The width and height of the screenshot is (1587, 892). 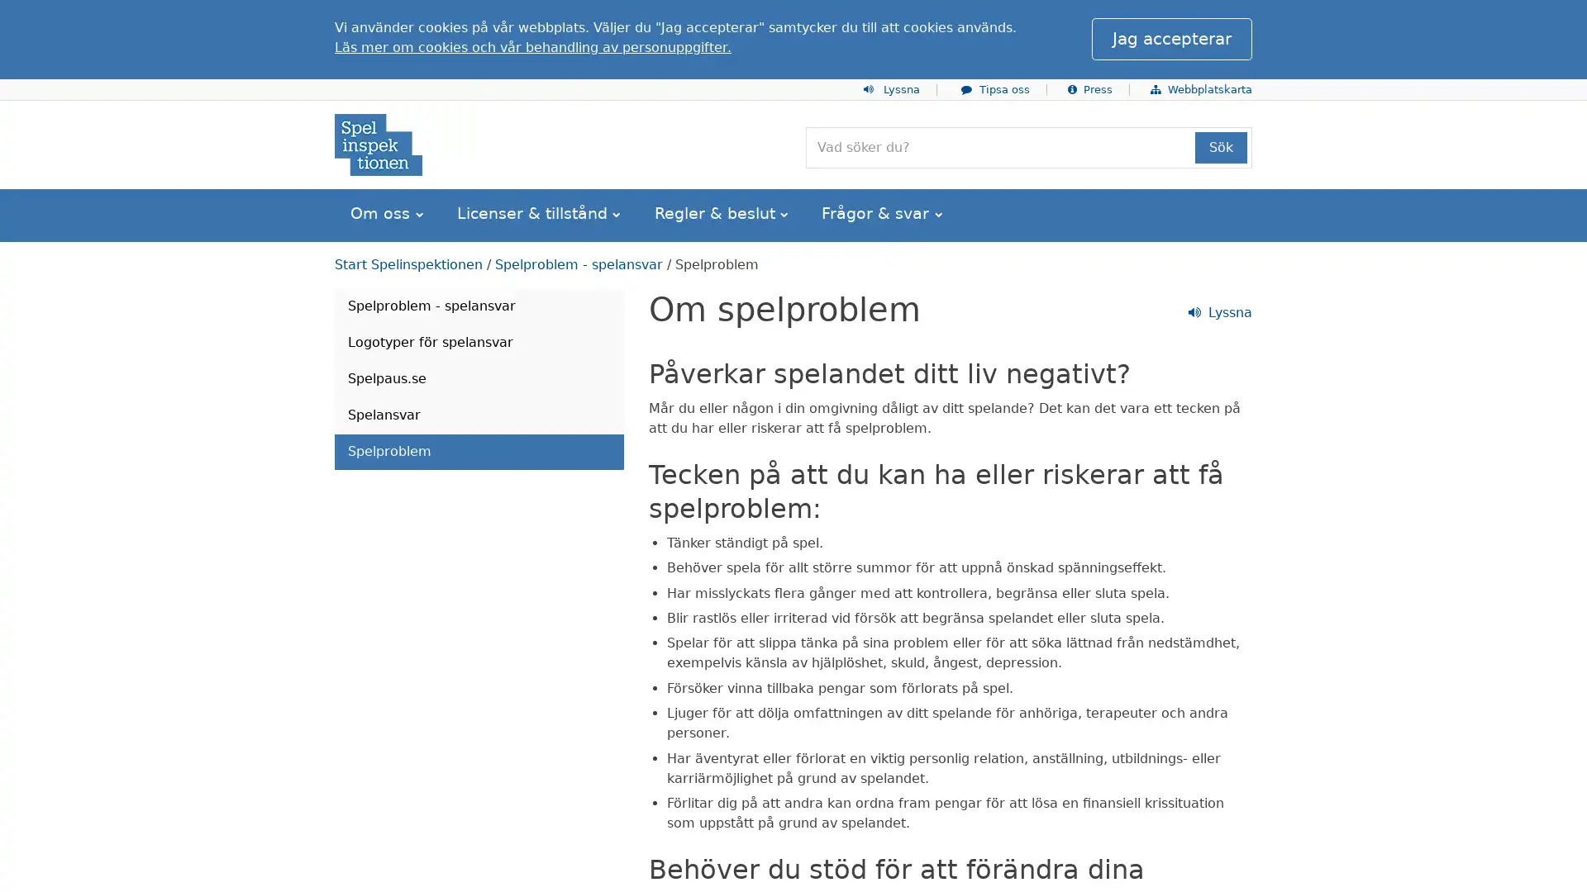 I want to click on webReaders meny, so click(x=347, y=308).